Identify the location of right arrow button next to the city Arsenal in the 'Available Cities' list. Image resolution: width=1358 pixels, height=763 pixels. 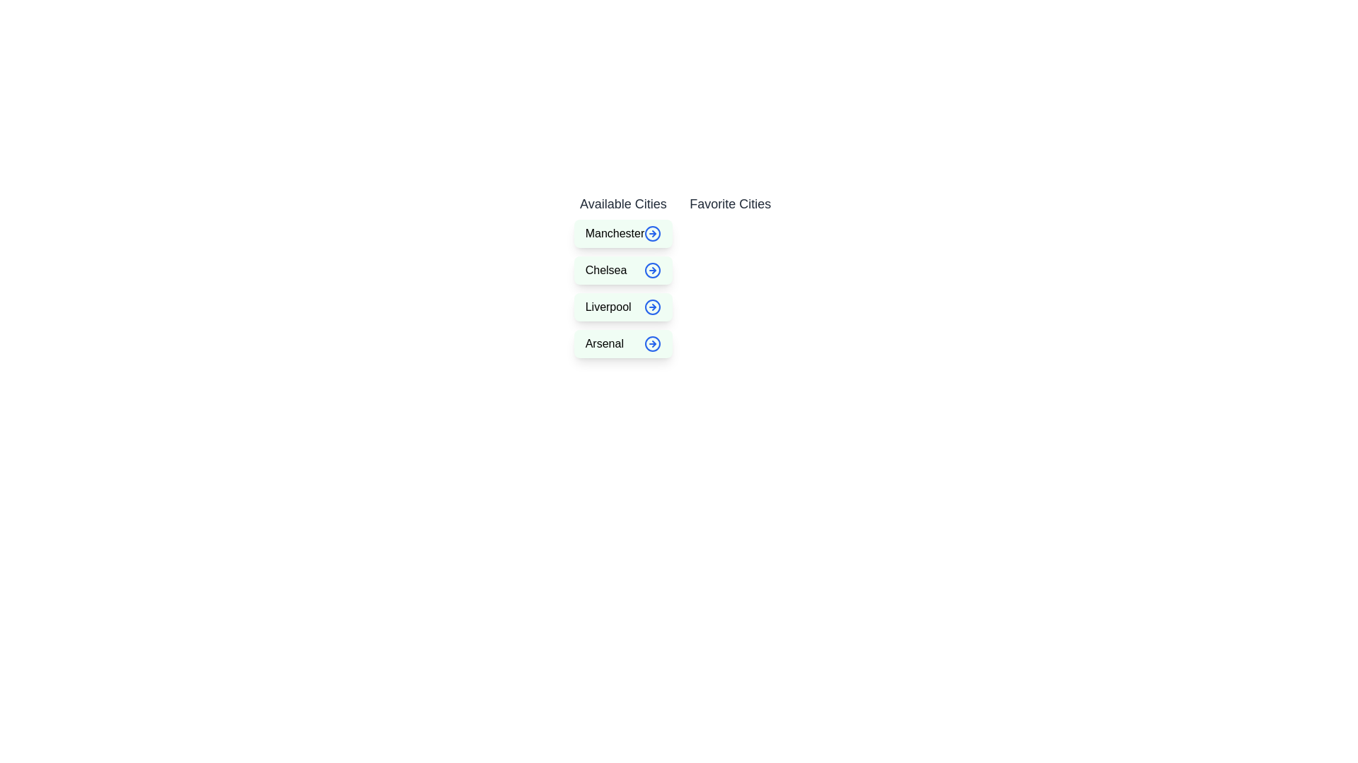
(652, 343).